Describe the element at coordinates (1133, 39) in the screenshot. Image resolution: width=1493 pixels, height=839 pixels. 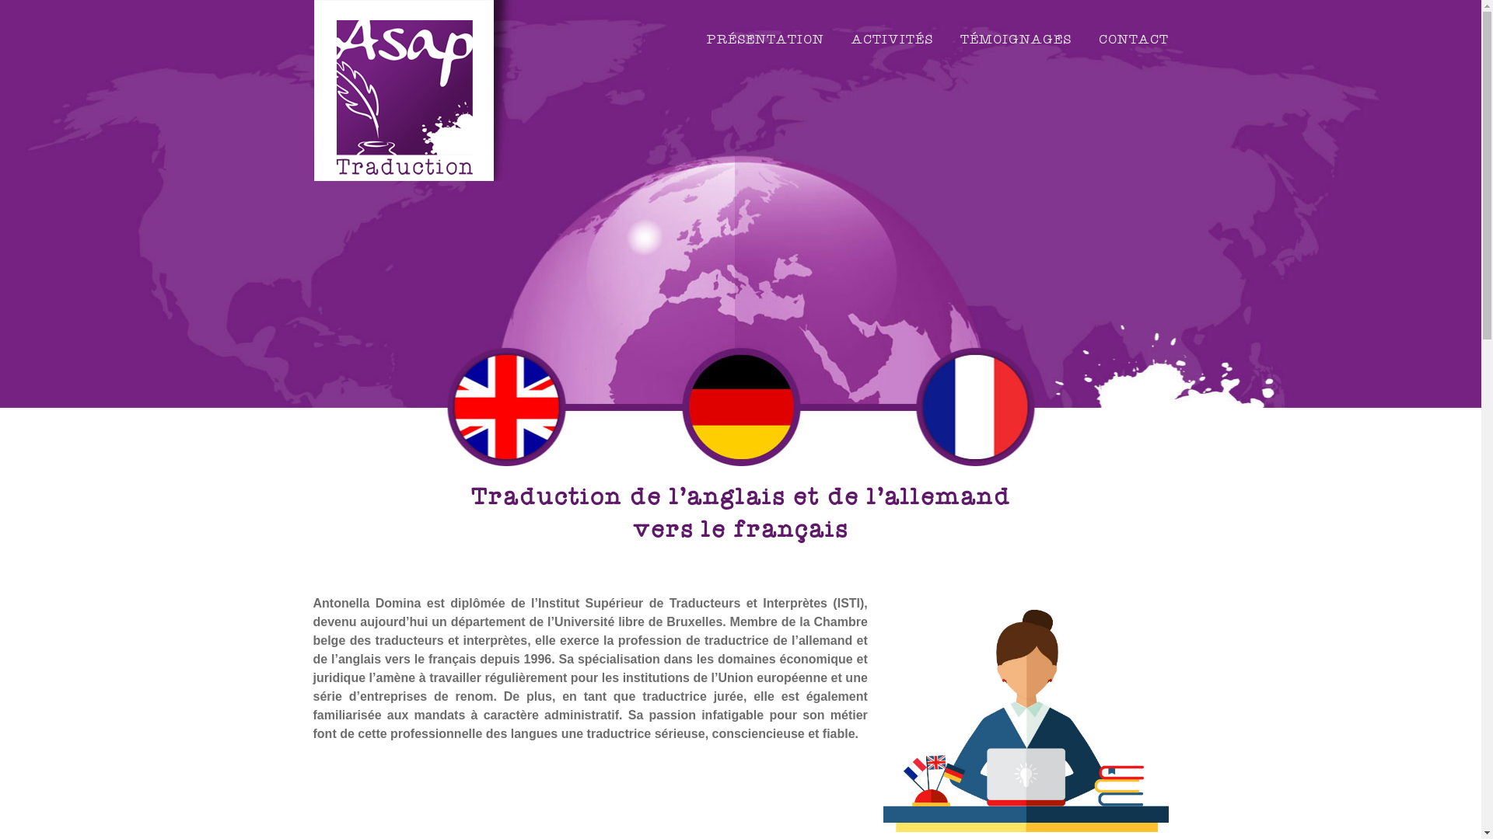
I see `'CONTACT'` at that location.